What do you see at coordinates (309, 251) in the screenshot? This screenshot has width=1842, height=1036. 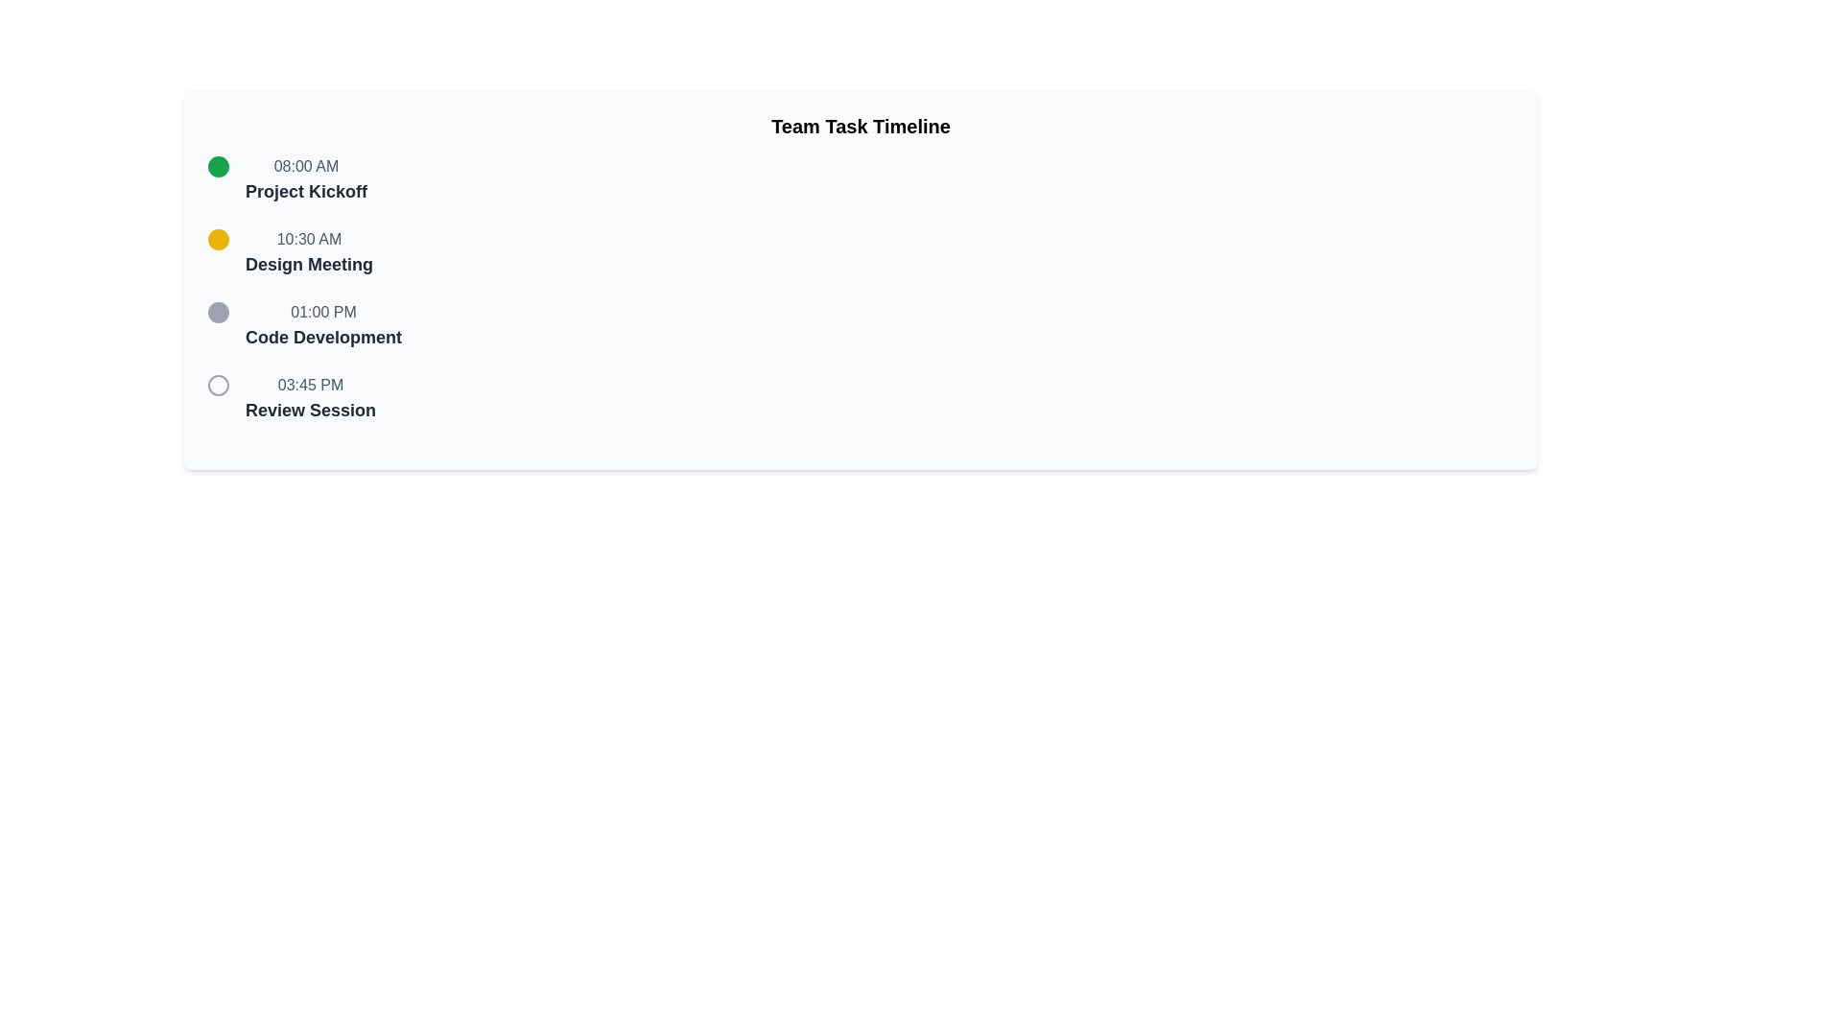 I see `the text label displaying '10:30 AM' and 'Design Meeting', which is positioned below 'Project Kickoff' and above 'Code Development' in the vertical timeline interface` at bounding box center [309, 251].